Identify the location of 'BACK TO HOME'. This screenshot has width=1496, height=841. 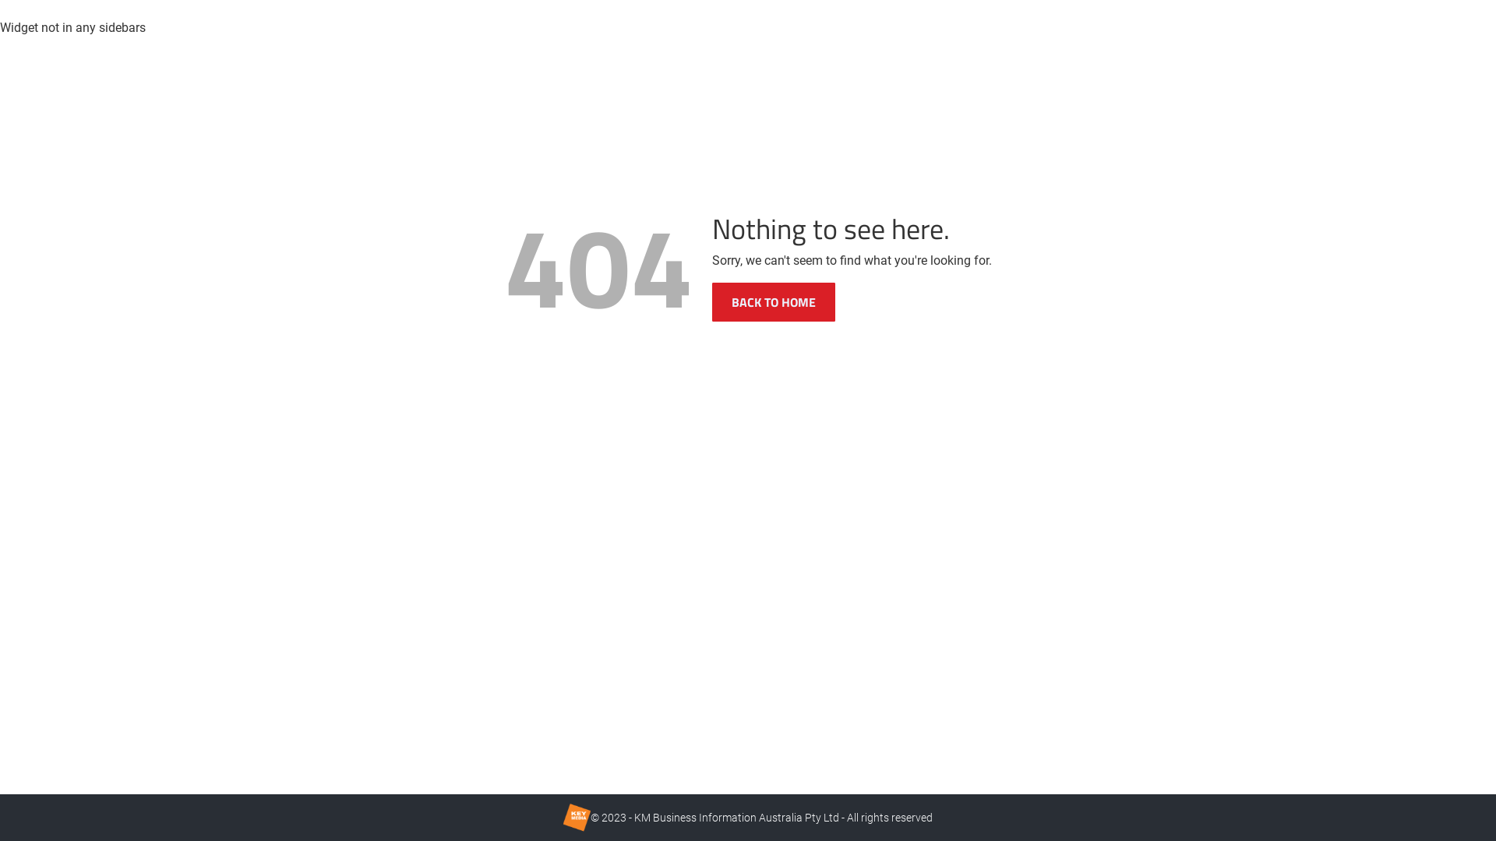
(774, 302).